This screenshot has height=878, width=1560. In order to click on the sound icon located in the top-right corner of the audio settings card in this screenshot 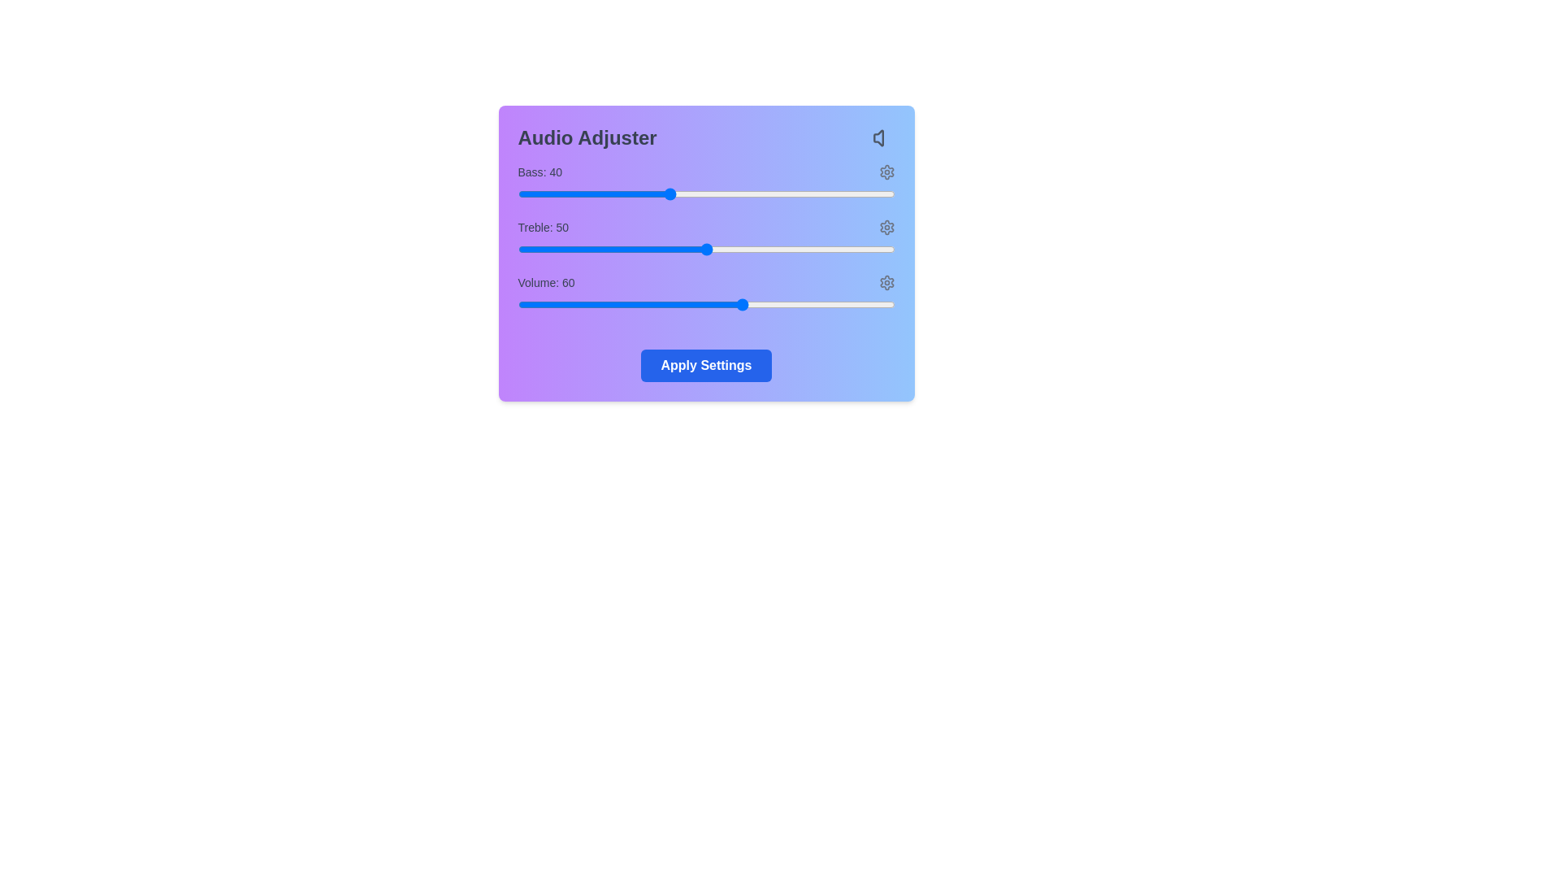, I will do `click(877, 137)`.